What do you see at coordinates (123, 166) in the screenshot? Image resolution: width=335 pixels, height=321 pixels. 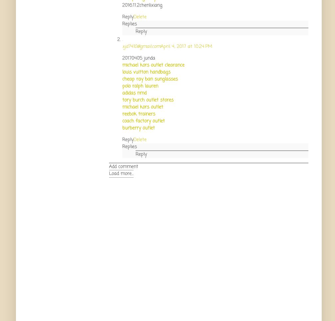 I see `'Add comment'` at bounding box center [123, 166].